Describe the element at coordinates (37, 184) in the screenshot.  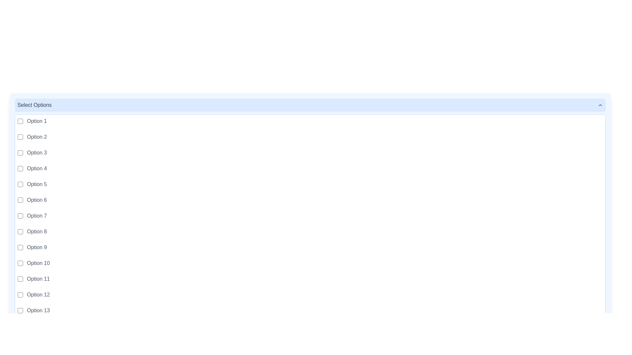
I see `the label associated with the checkbox labeled 'Option 5'` at that location.